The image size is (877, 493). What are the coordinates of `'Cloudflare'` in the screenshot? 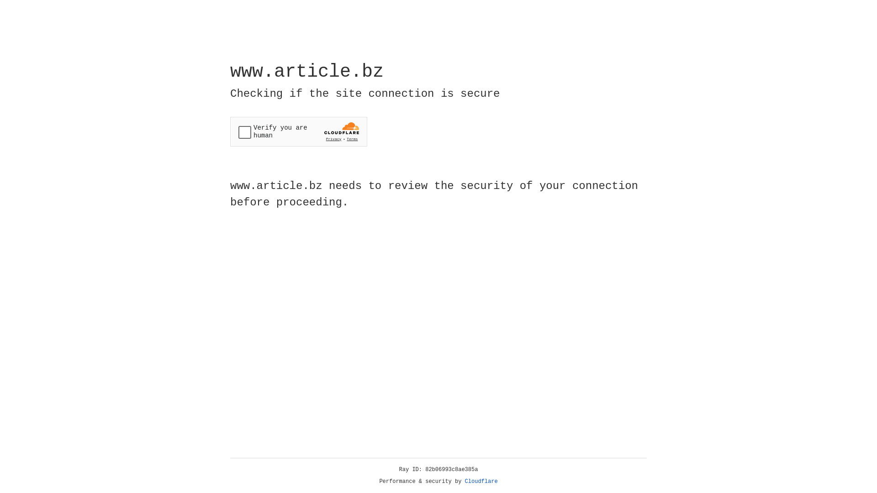 It's located at (481, 481).